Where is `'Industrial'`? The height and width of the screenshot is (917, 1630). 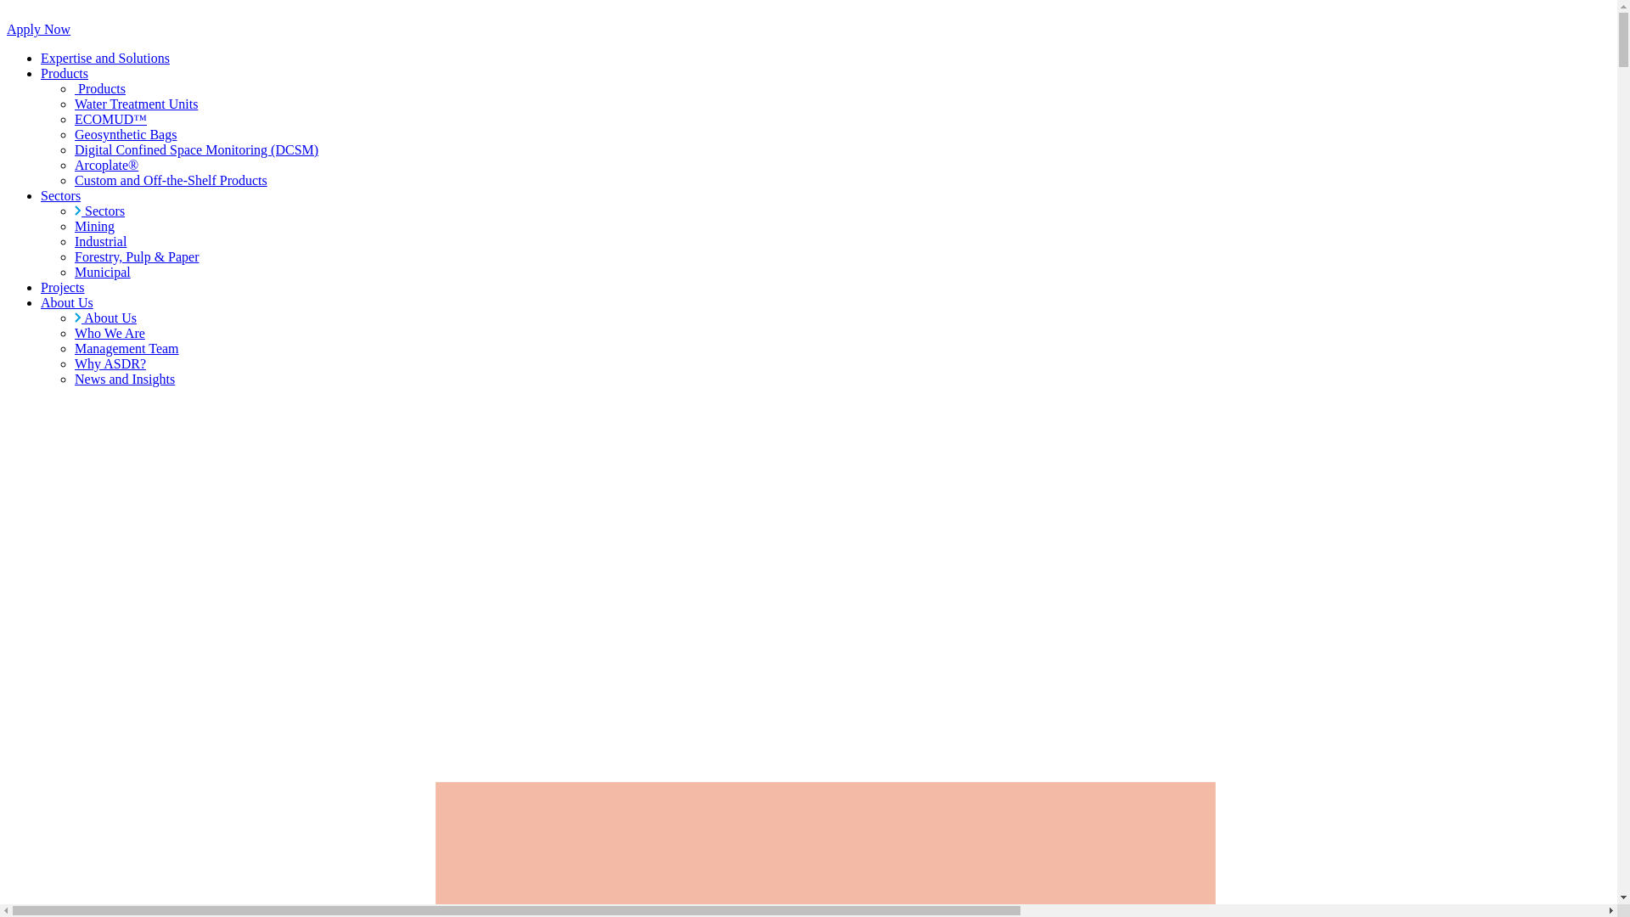
'Industrial' is located at coordinates (99, 241).